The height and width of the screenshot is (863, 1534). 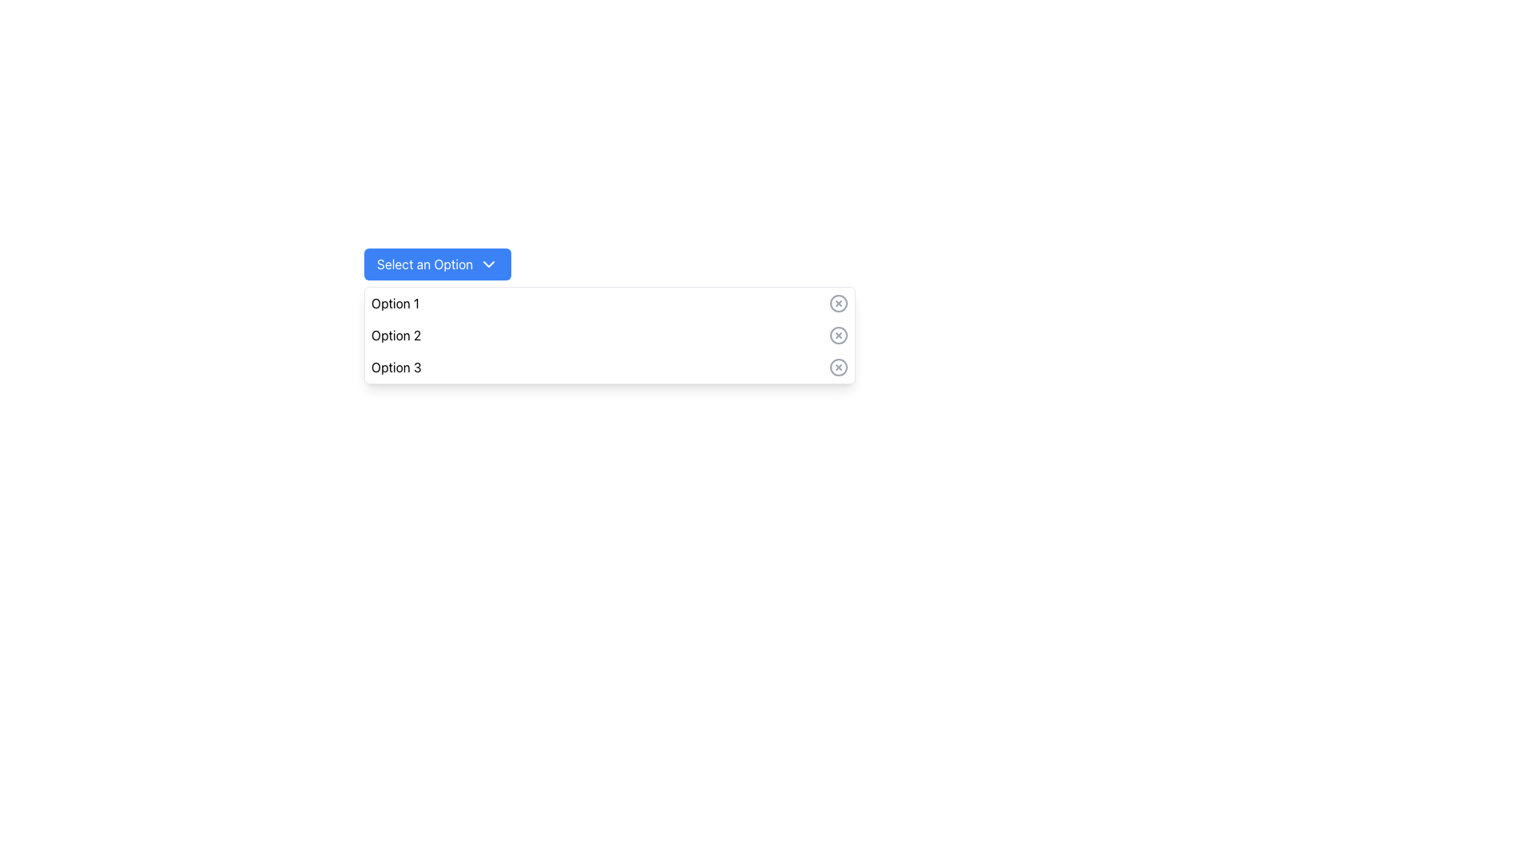 I want to click on the first item in the dropdown menu labeled 'Option 1', so click(x=609, y=304).